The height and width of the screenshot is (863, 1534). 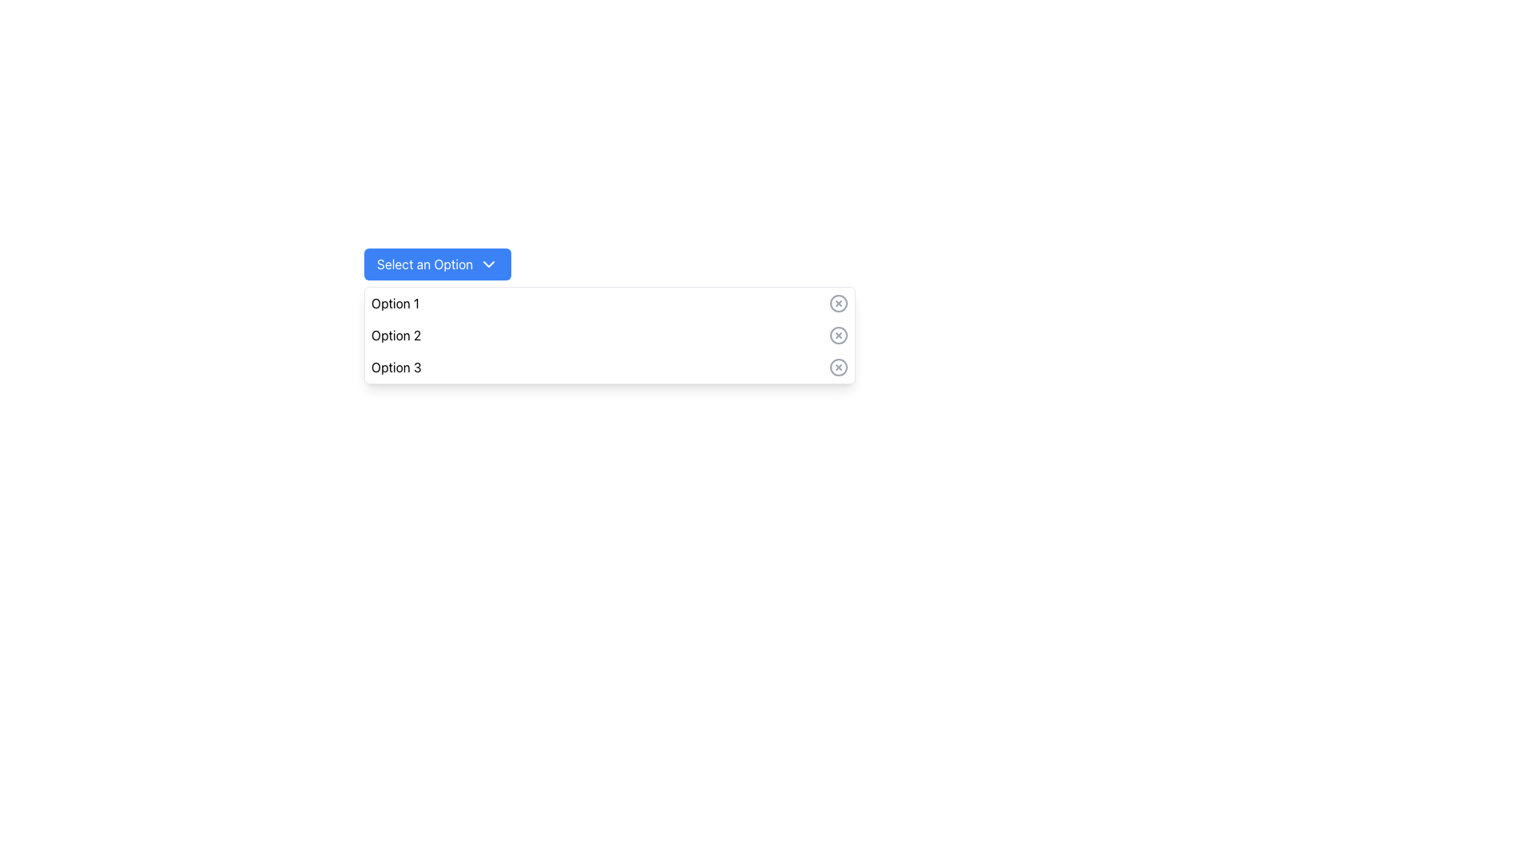 I want to click on the first item in the dropdown menu labeled 'Option 1', so click(x=609, y=304).